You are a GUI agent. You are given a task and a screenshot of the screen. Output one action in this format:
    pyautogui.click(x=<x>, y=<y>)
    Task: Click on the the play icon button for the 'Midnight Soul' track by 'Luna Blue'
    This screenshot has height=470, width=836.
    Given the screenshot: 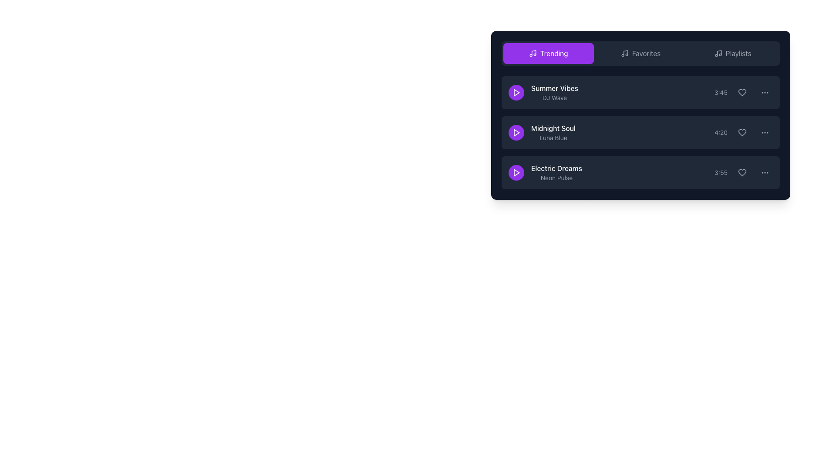 What is the action you would take?
    pyautogui.click(x=516, y=132)
    